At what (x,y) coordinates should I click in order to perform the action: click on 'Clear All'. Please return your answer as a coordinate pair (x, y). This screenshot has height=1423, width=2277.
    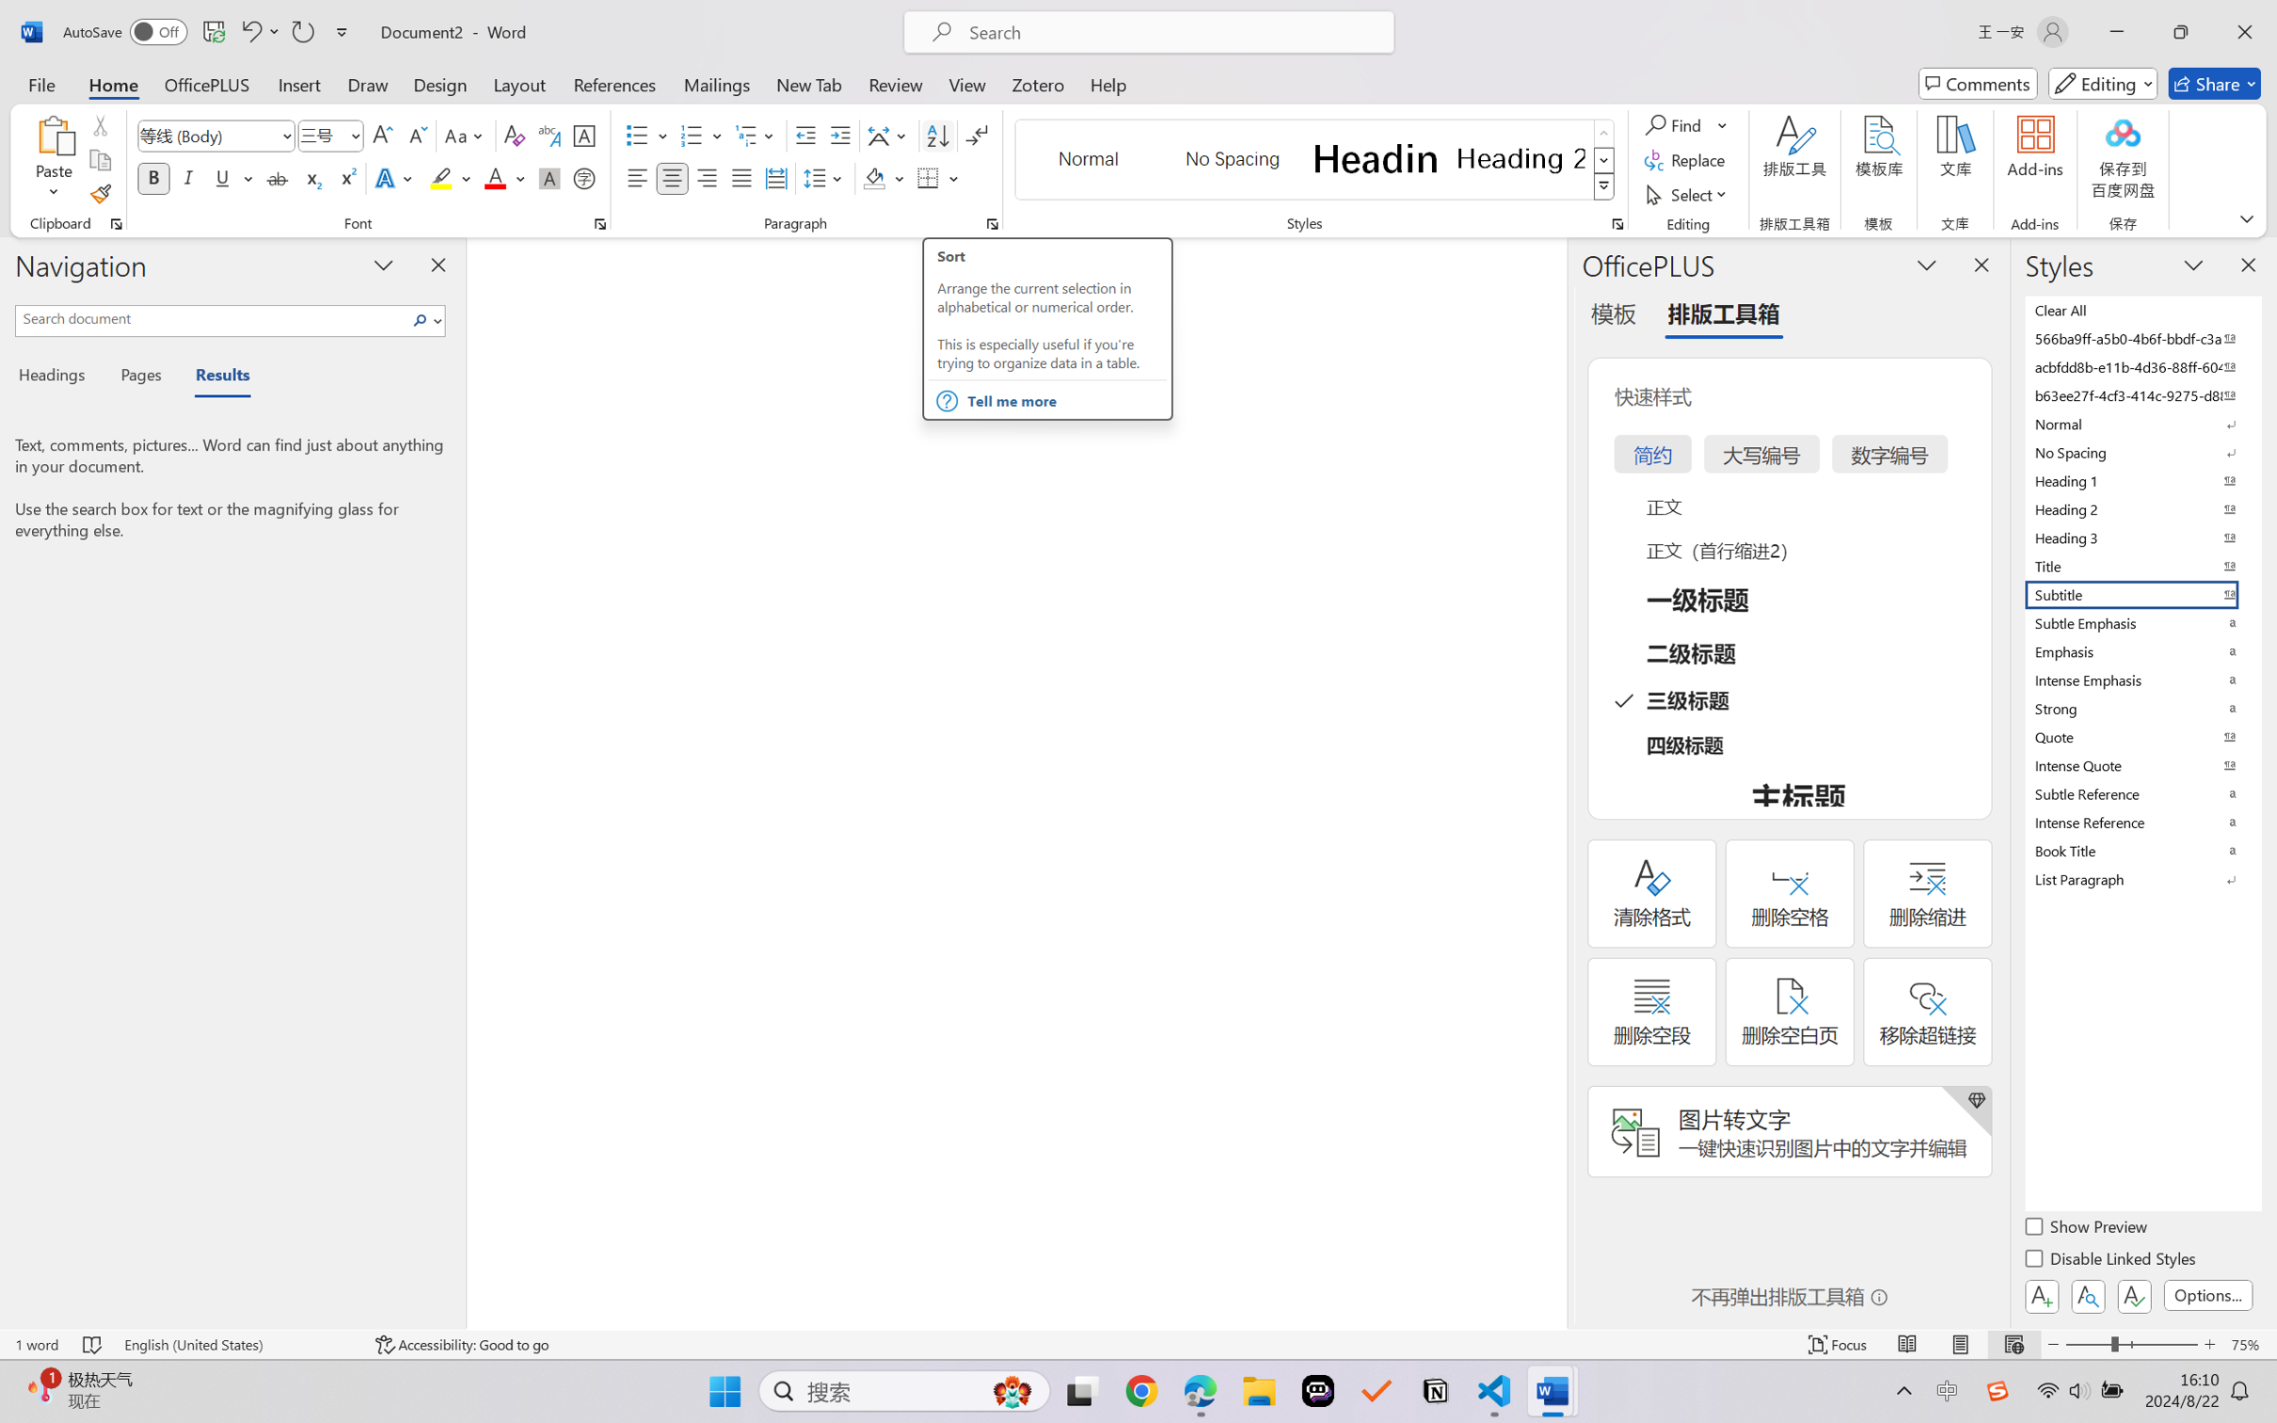
    Looking at the image, I should click on (2141, 309).